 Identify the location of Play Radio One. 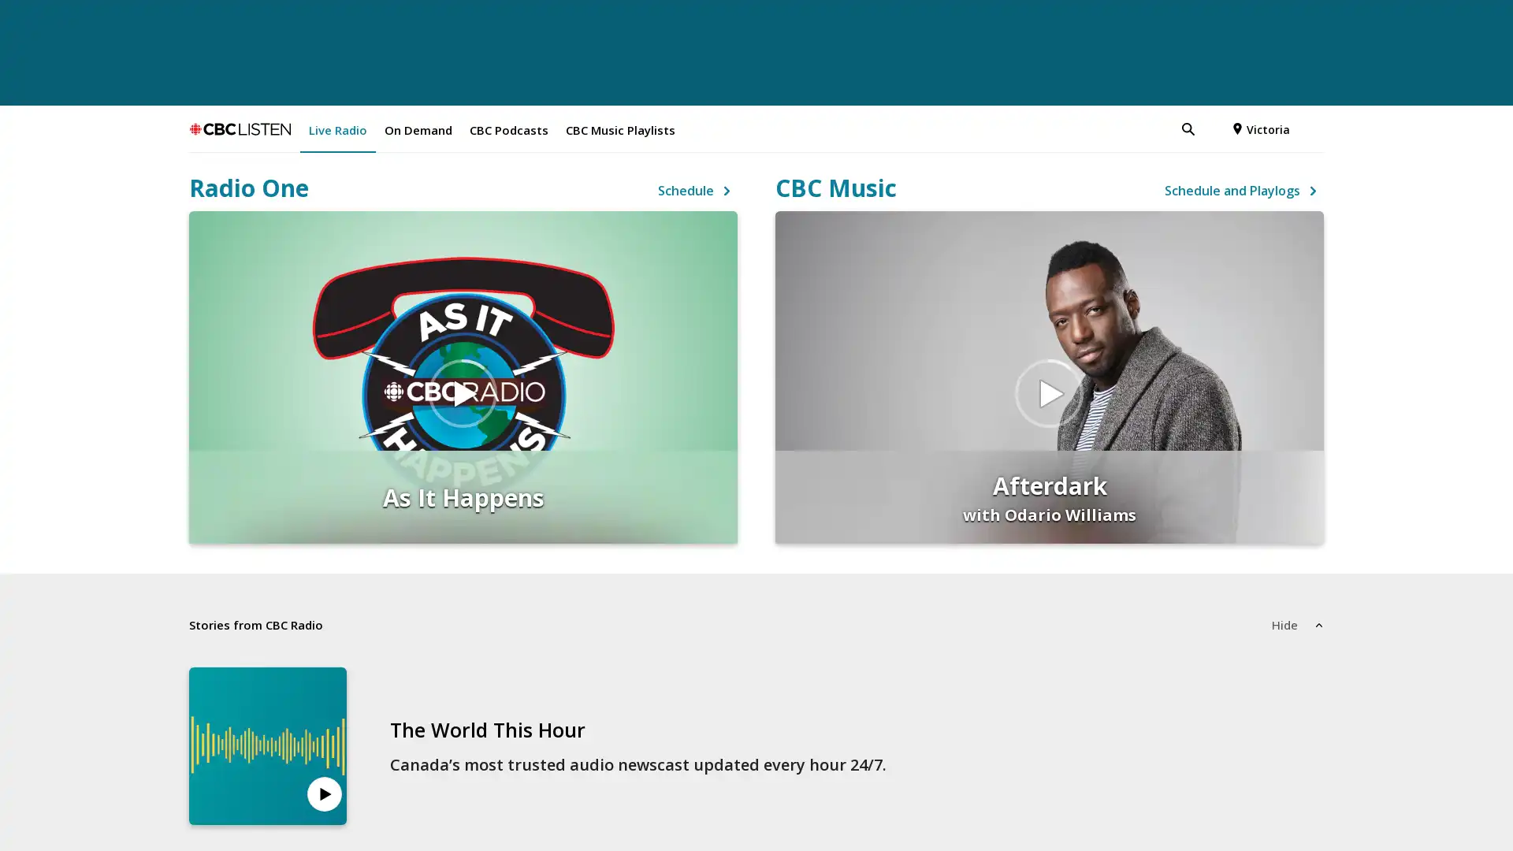
(463, 321).